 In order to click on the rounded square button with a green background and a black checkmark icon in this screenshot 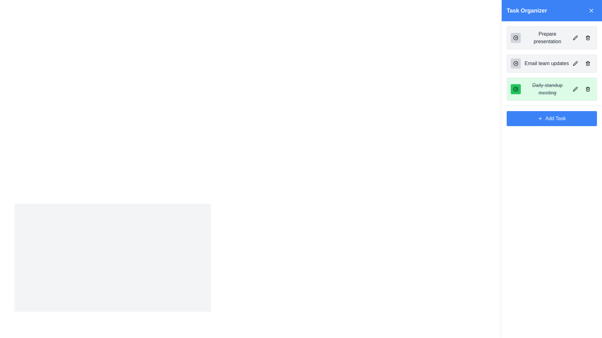, I will do `click(516, 89)`.